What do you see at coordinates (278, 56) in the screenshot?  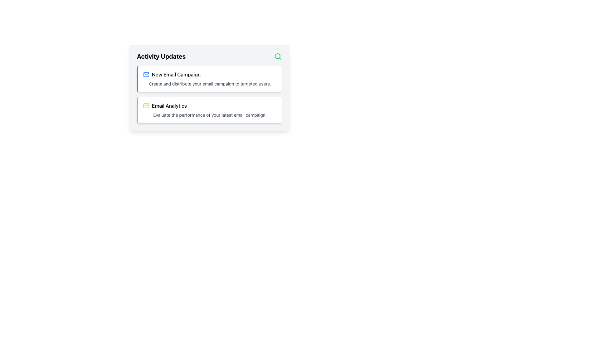 I see `the search button icon located at the far-right of the 'Activity Updates' card header` at bounding box center [278, 56].